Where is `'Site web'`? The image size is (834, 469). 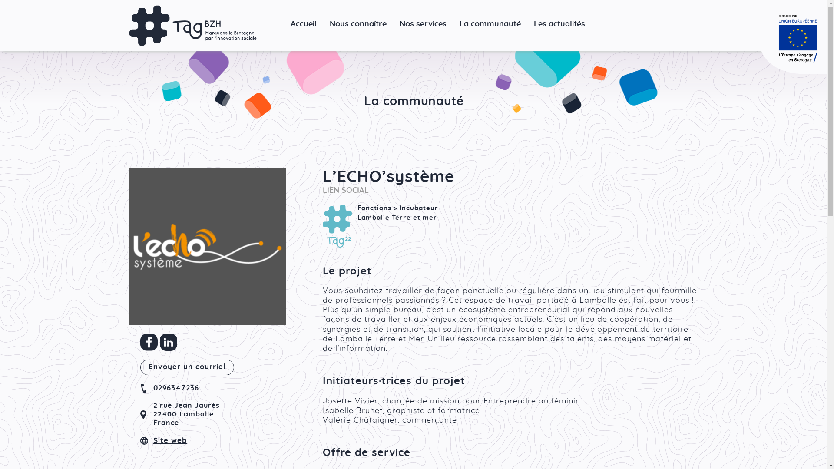
'Site web' is located at coordinates (152, 440).